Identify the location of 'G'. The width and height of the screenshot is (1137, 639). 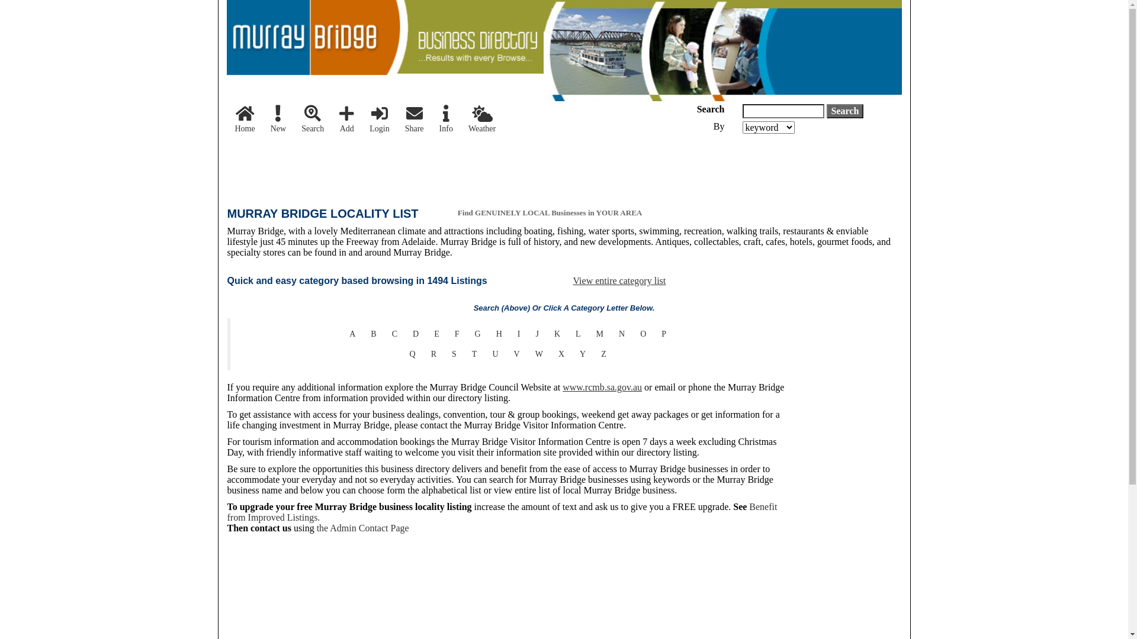
(477, 334).